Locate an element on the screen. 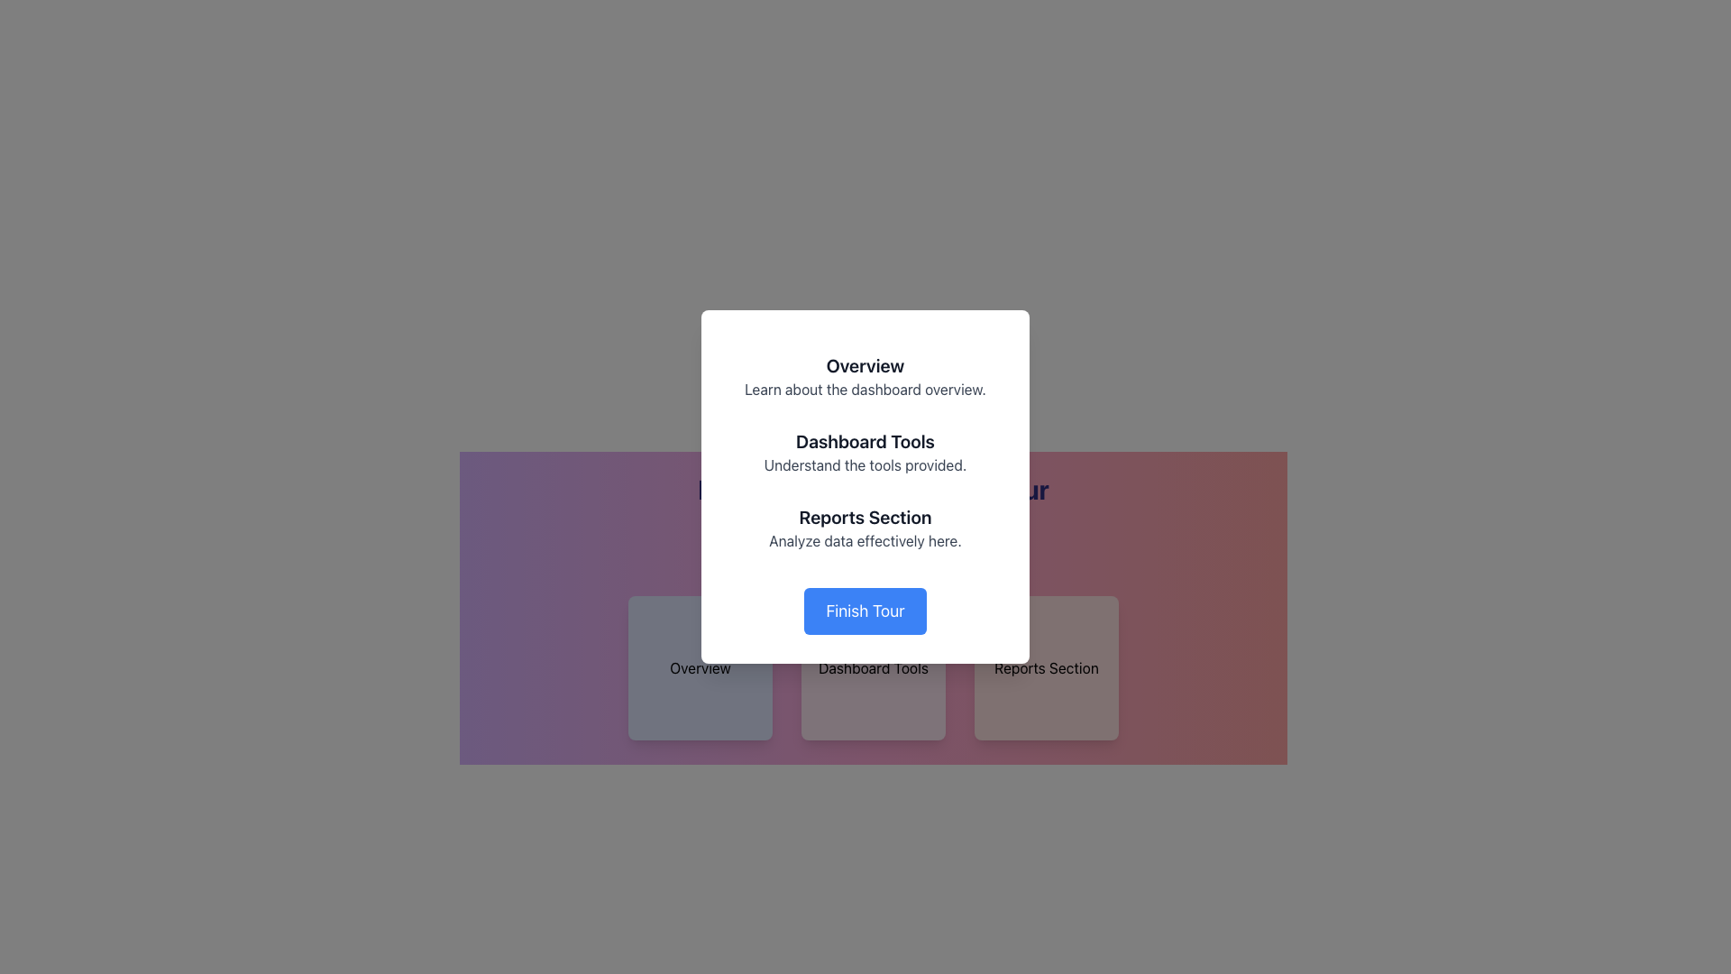 This screenshot has width=1731, height=974. the text label that serves as the title for the section, positioned at the top-center of the vertical list format above the text 'Understand the tools provided.' is located at coordinates (865, 441).